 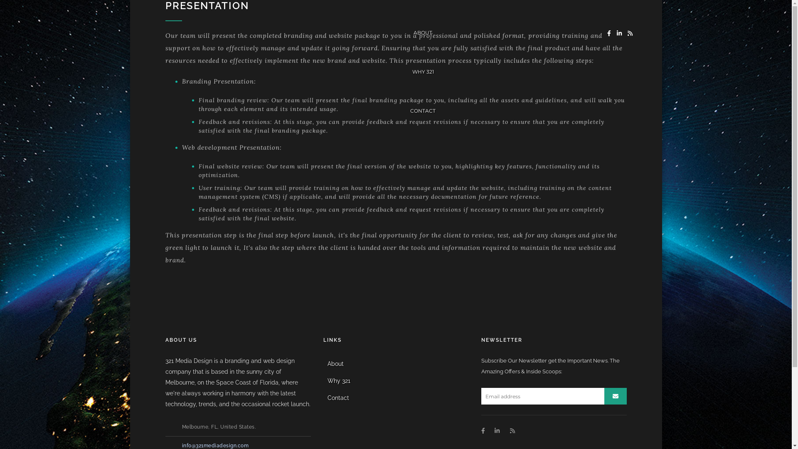 What do you see at coordinates (512, 430) in the screenshot?
I see `'RSS'` at bounding box center [512, 430].